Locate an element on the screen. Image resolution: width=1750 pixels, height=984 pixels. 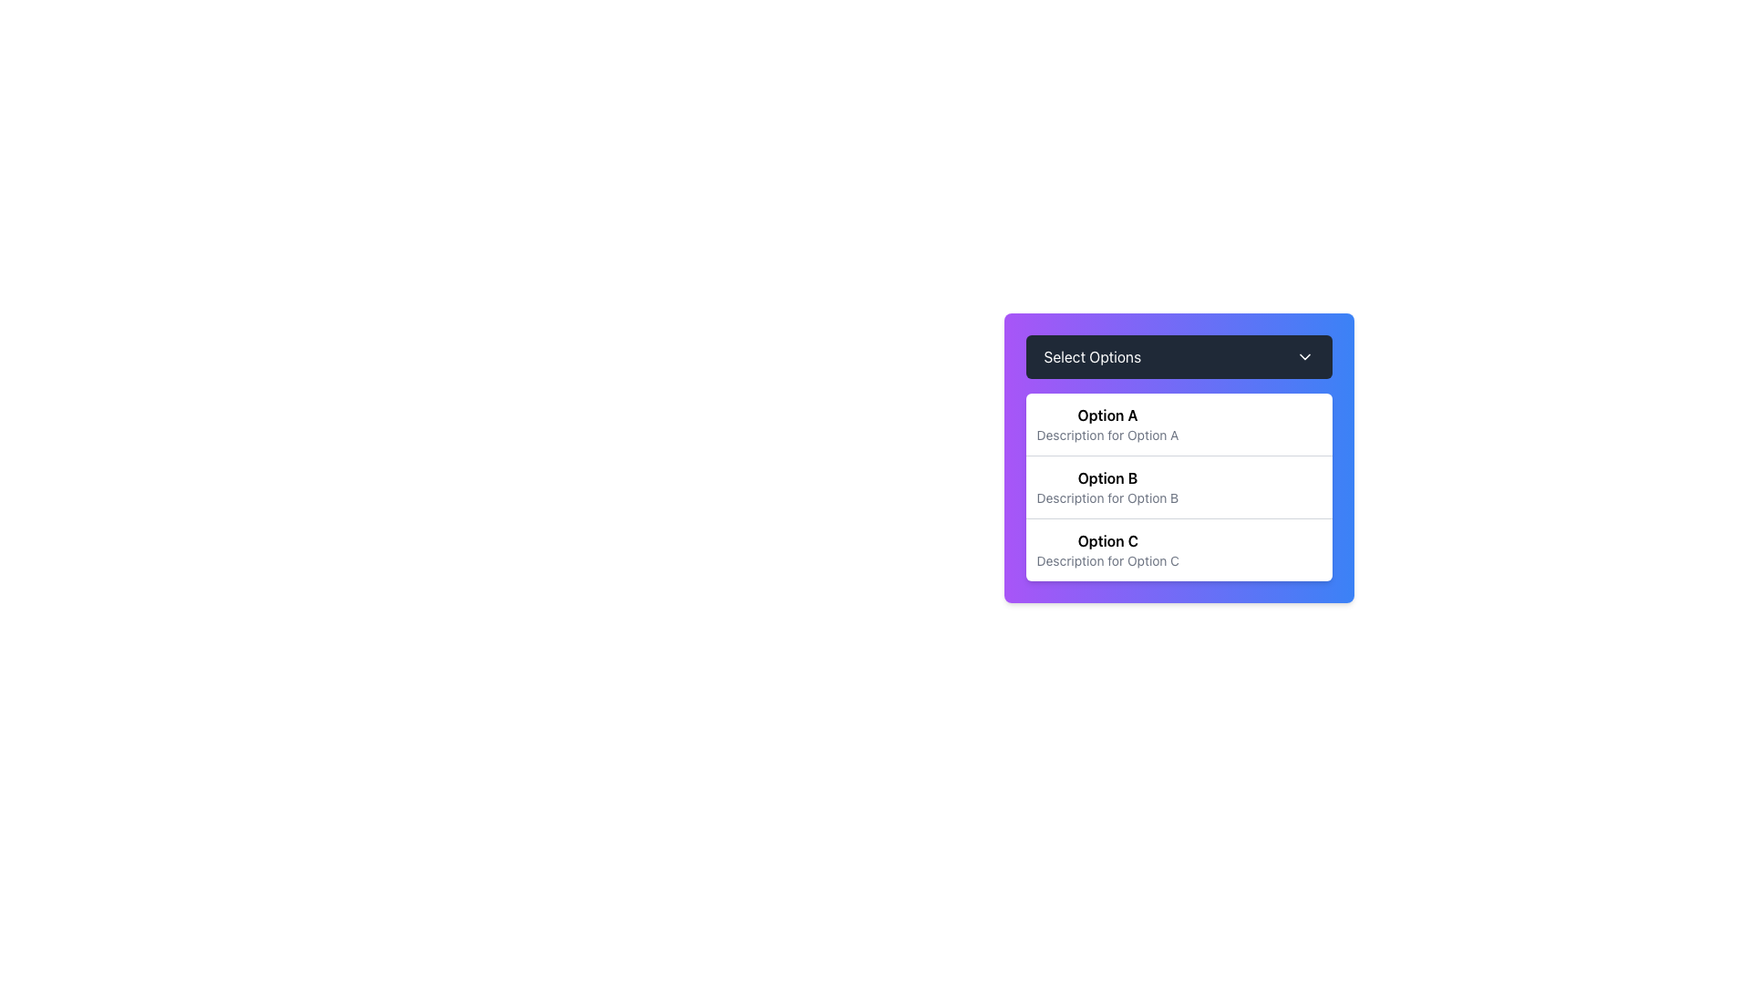
the second item in the dropdown menu is located at coordinates (1179, 456).